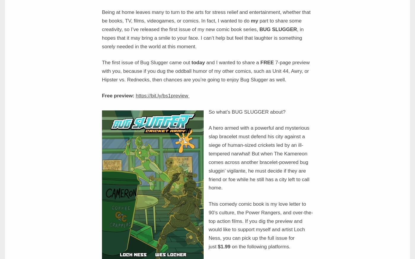  Describe the element at coordinates (146, 62) in the screenshot. I see `'The first issue of Bug Slugger came out'` at that location.